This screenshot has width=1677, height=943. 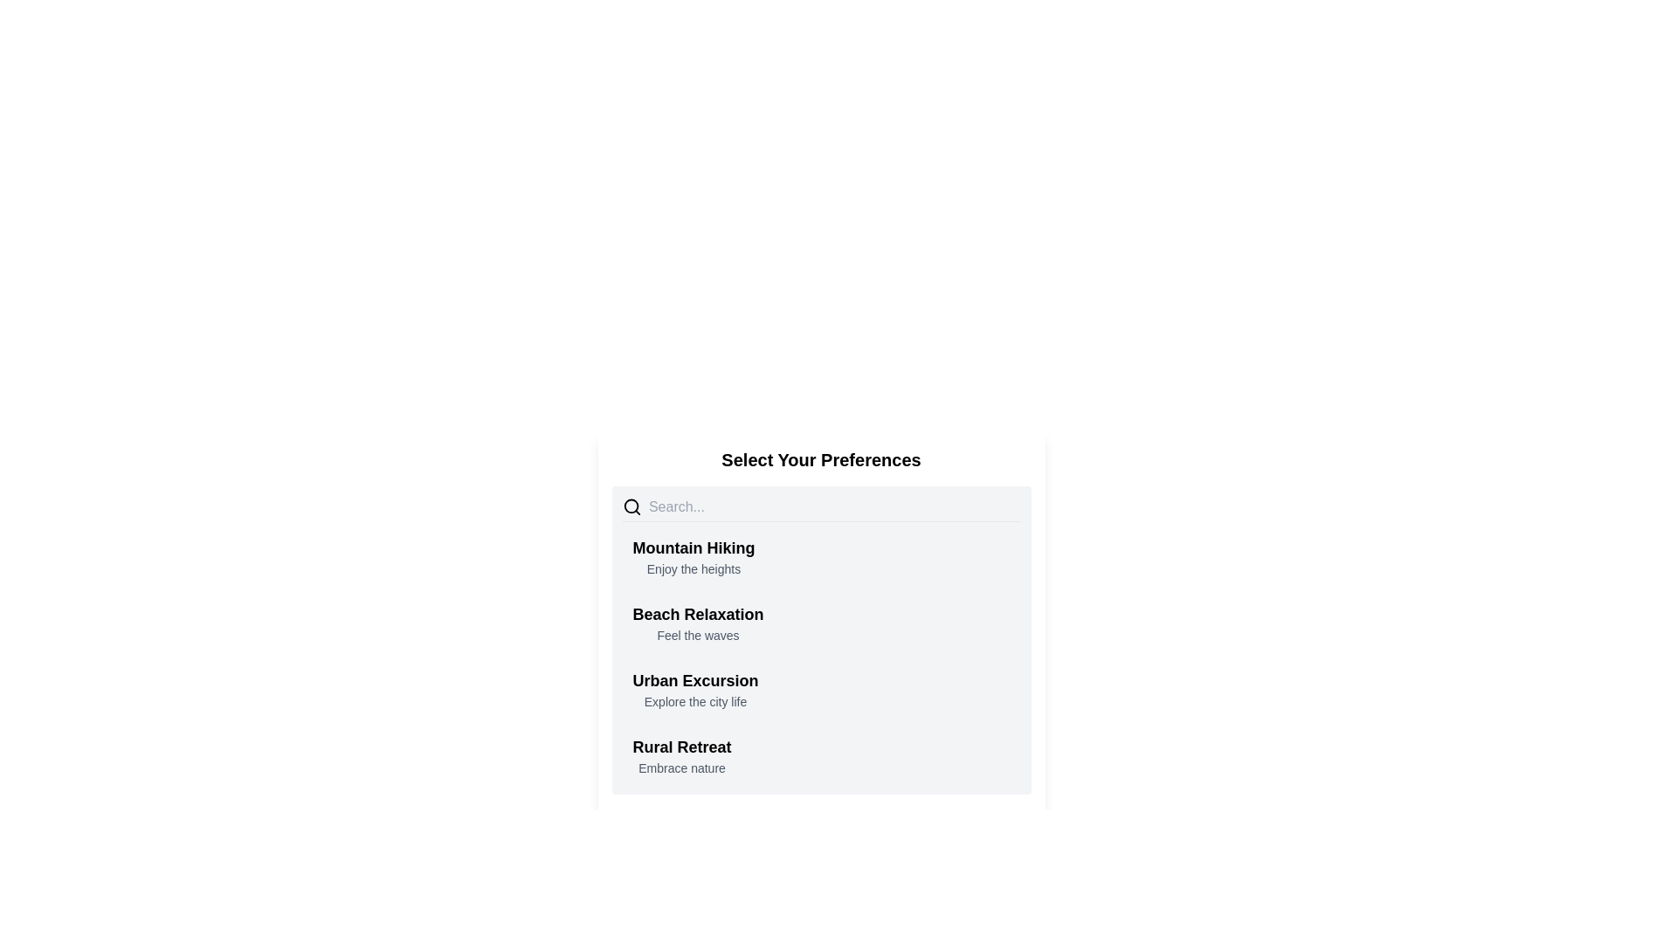 I want to click on the text block displaying 'Embrace nature' in a smaller, gray font, located beneath the title 'Rural Retreat', so click(x=681, y=767).